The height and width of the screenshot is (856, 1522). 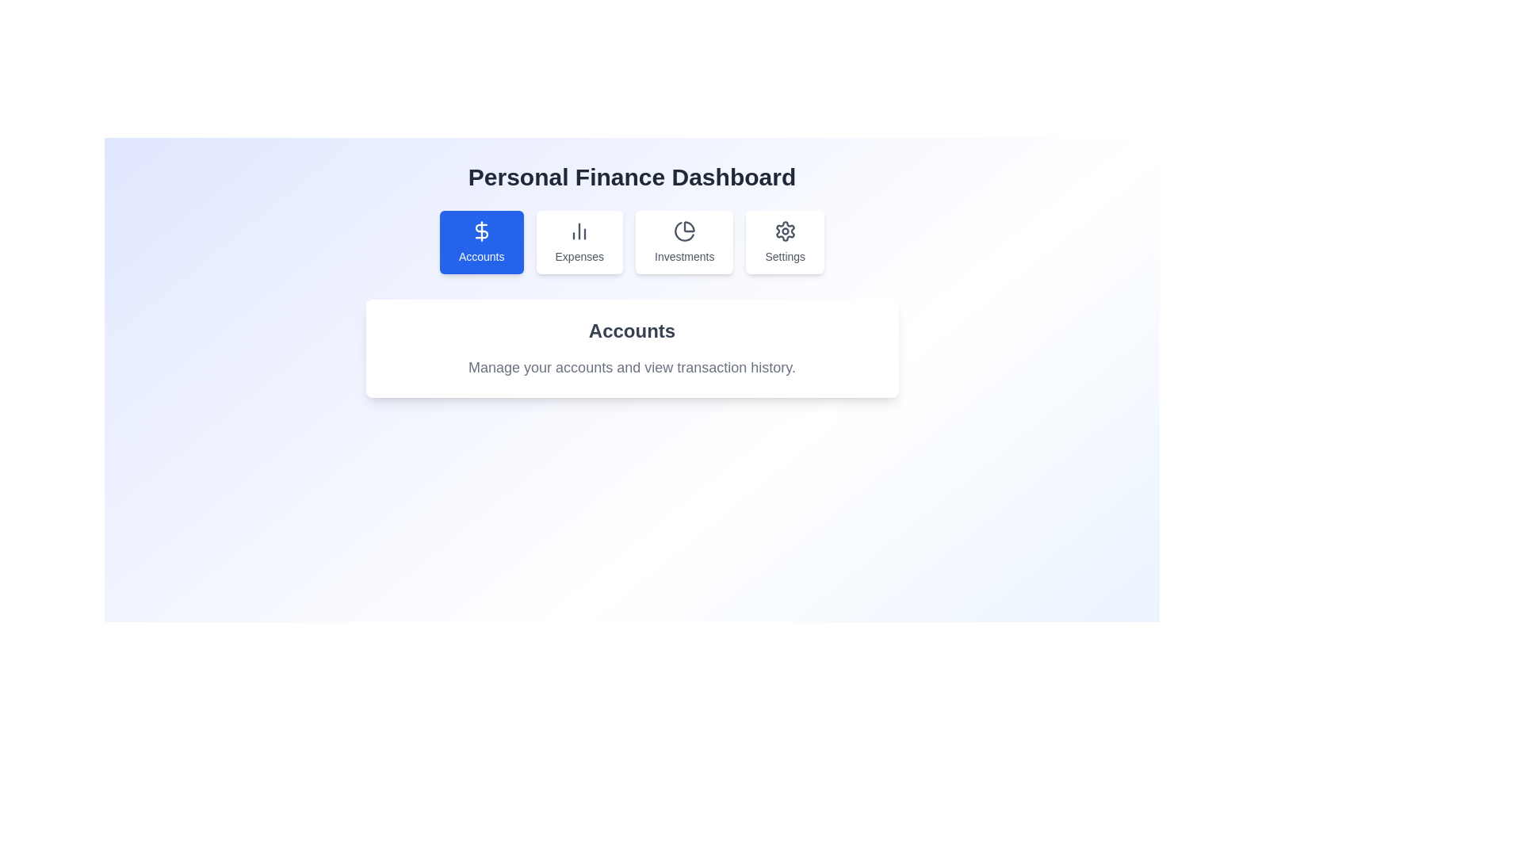 What do you see at coordinates (684, 231) in the screenshot?
I see `the 'Investments' icon, which is the primary icon within the 'Investments' button located in the navigation bar, third from the left` at bounding box center [684, 231].